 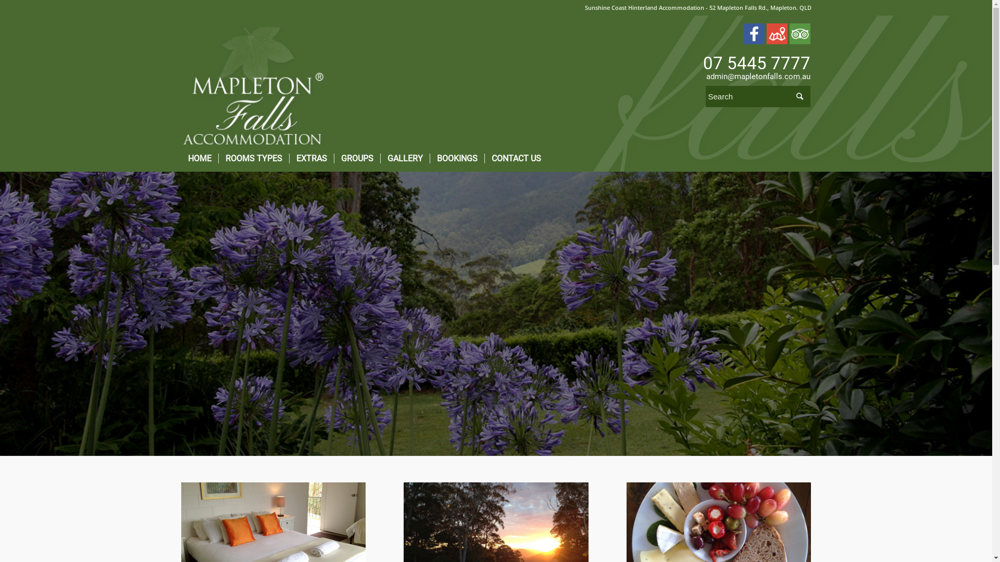 I want to click on '5', so click(x=495, y=313).